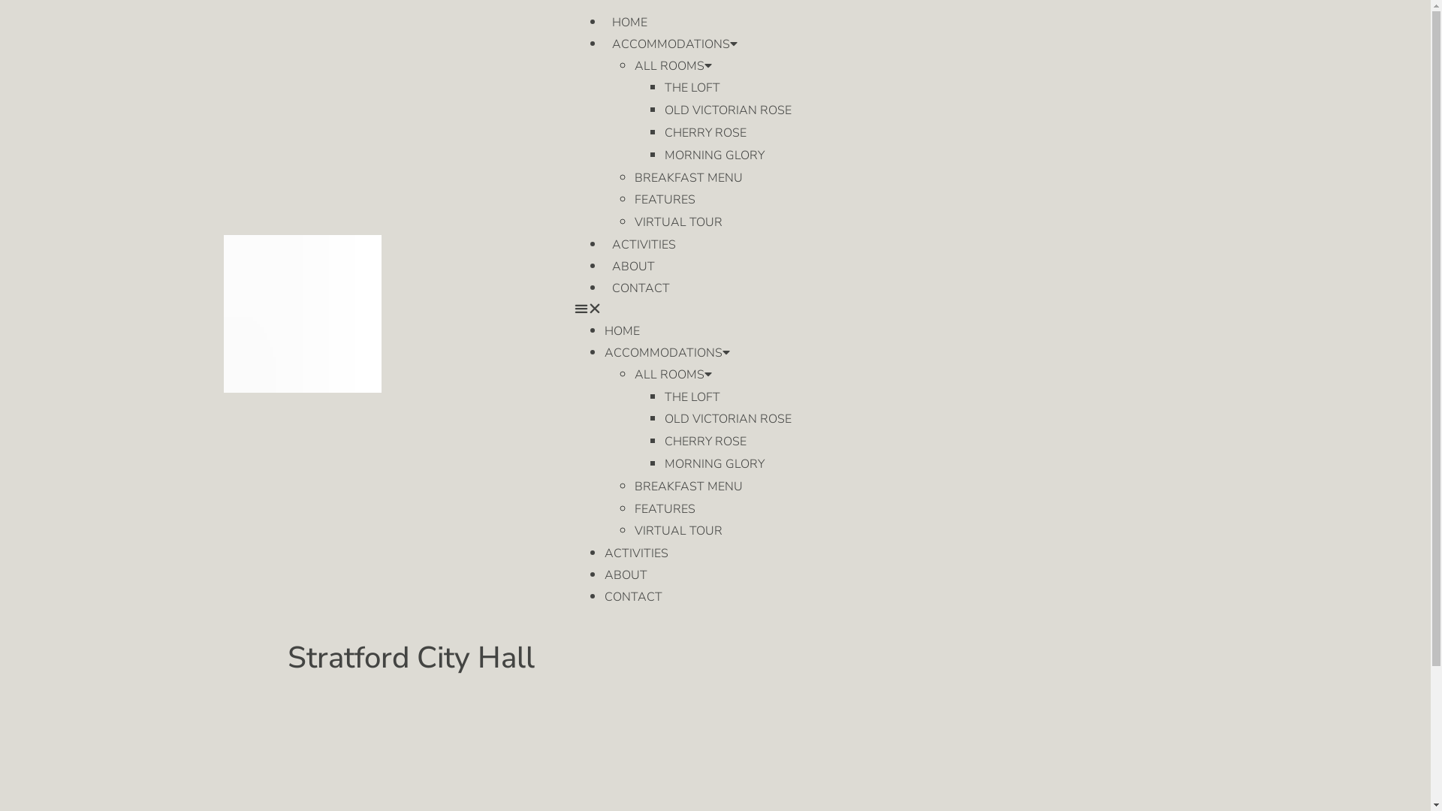 The width and height of the screenshot is (1442, 811). Describe the element at coordinates (633, 595) in the screenshot. I see `'CONTACT'` at that location.